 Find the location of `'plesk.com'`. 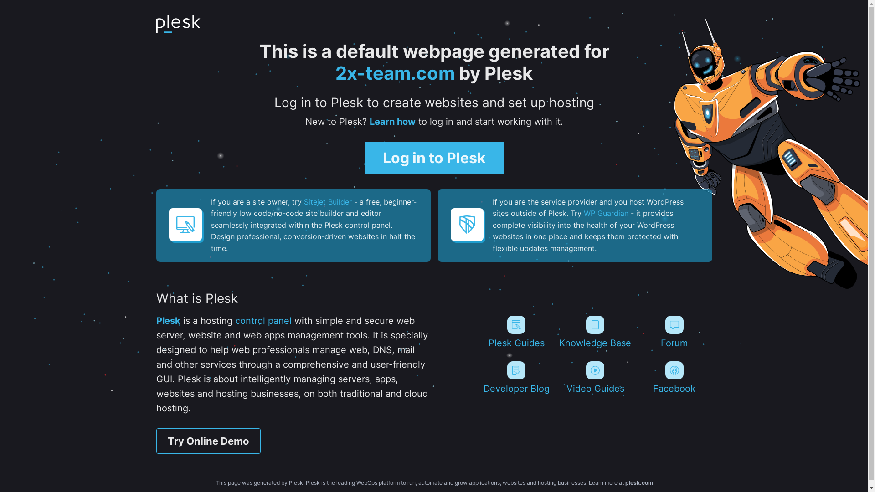

'plesk.com' is located at coordinates (638, 482).